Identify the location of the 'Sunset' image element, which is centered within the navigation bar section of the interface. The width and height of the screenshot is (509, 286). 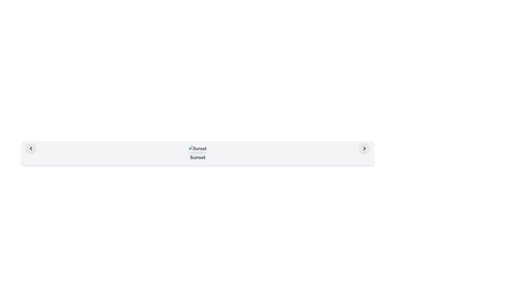
(197, 148).